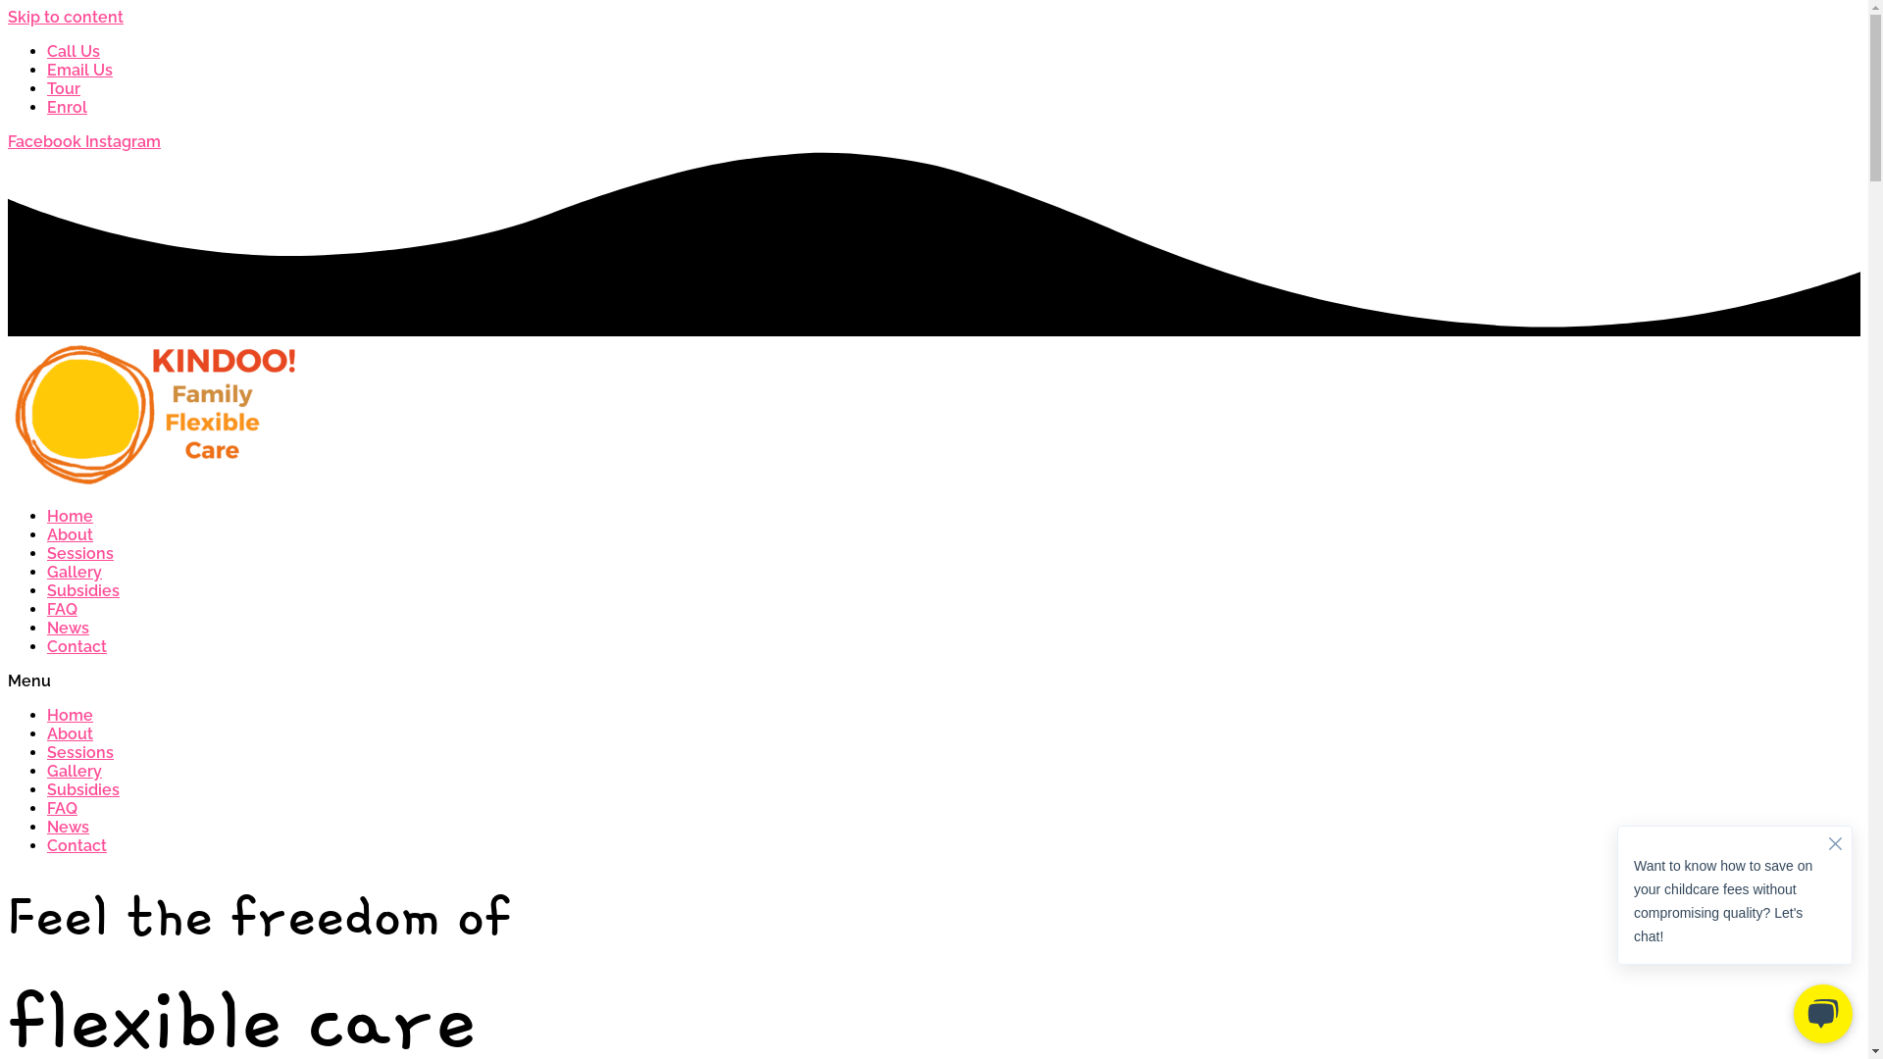 This screenshot has height=1059, width=1883. What do you see at coordinates (46, 140) in the screenshot?
I see `'Facebook'` at bounding box center [46, 140].